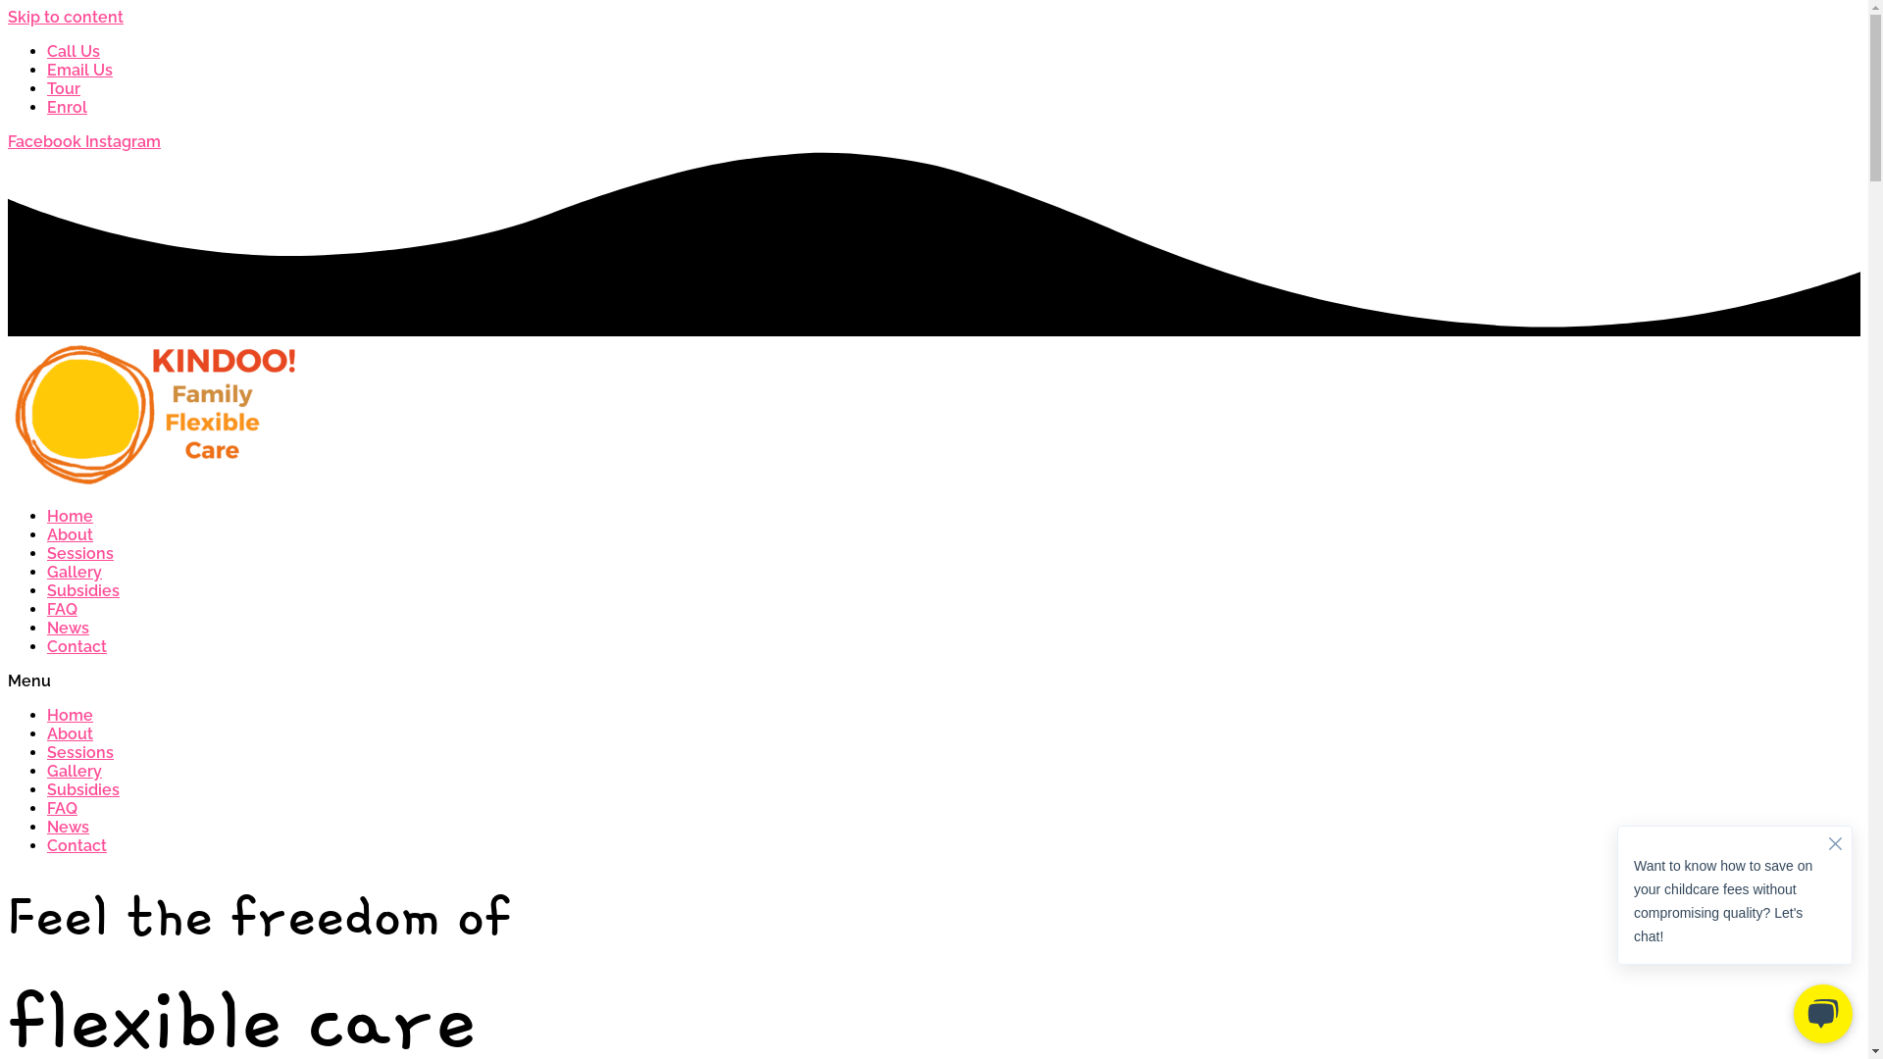 This screenshot has height=1059, width=1883. What do you see at coordinates (46, 140) in the screenshot?
I see `'Facebook'` at bounding box center [46, 140].